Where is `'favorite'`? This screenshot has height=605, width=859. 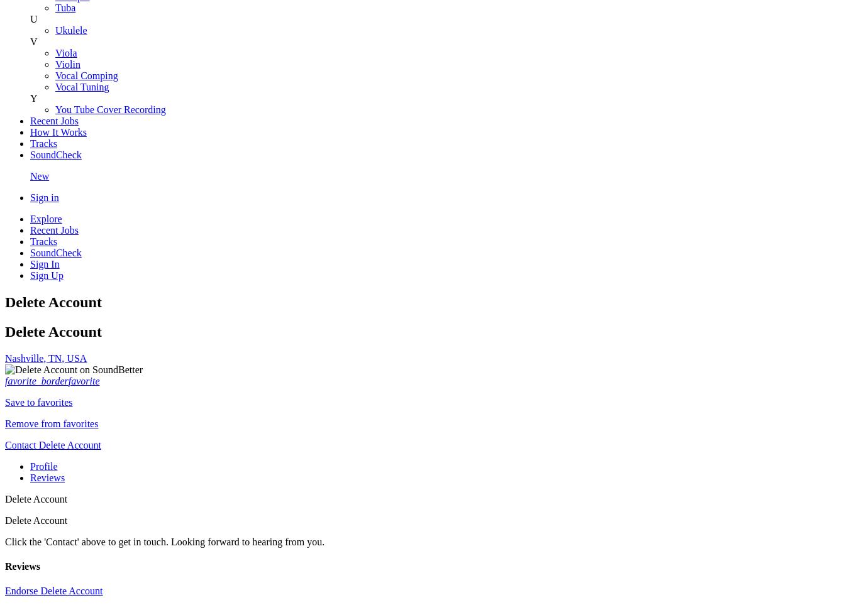
'favorite' is located at coordinates (83, 380).